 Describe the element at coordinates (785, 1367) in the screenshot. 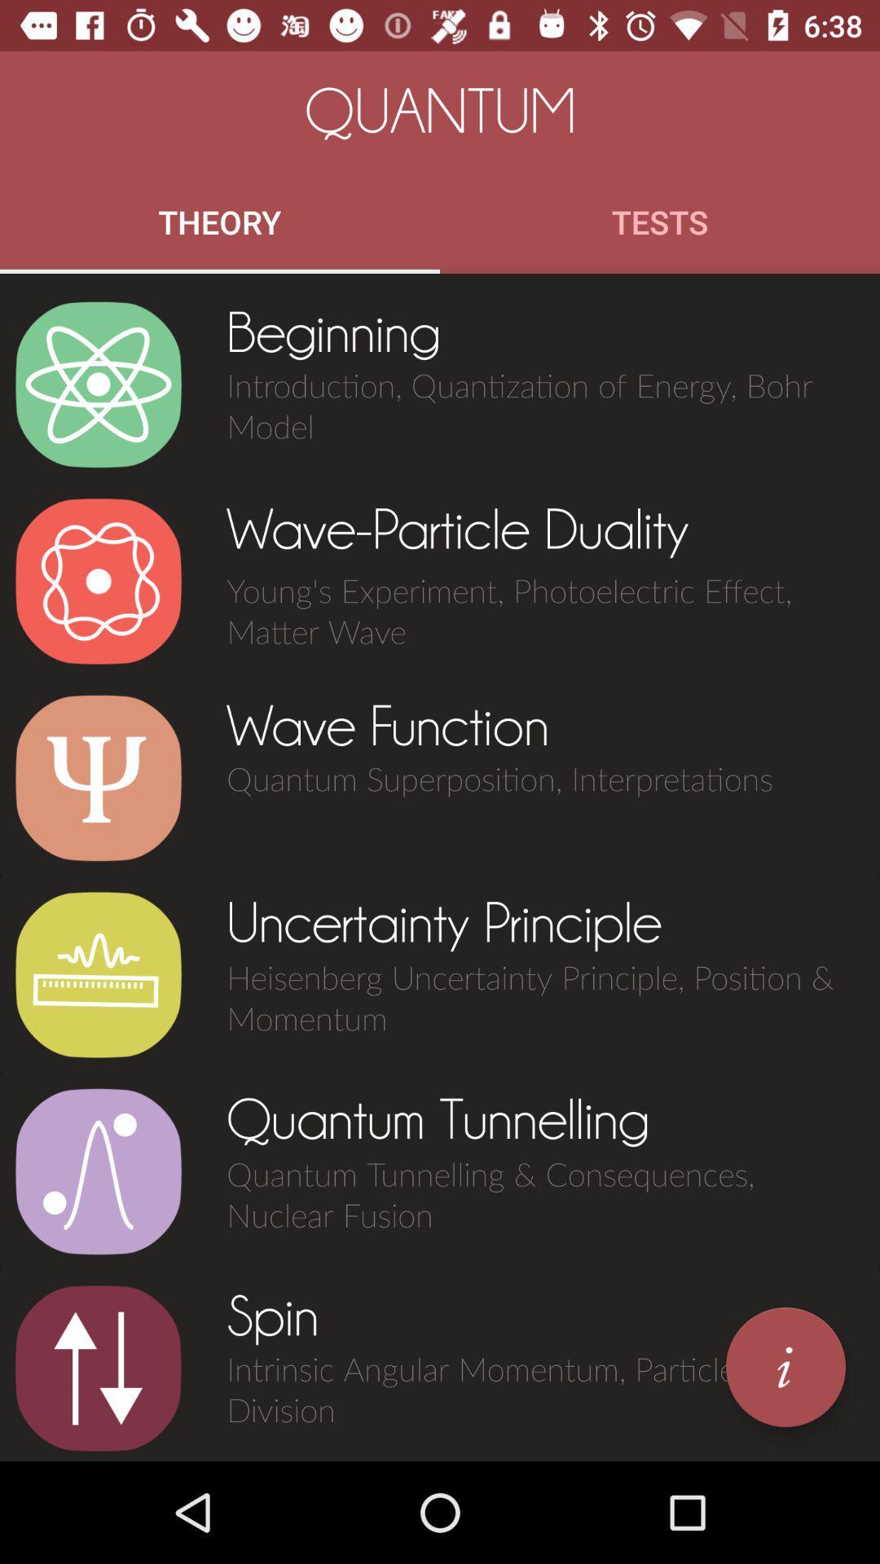

I see `icon next to spin` at that location.